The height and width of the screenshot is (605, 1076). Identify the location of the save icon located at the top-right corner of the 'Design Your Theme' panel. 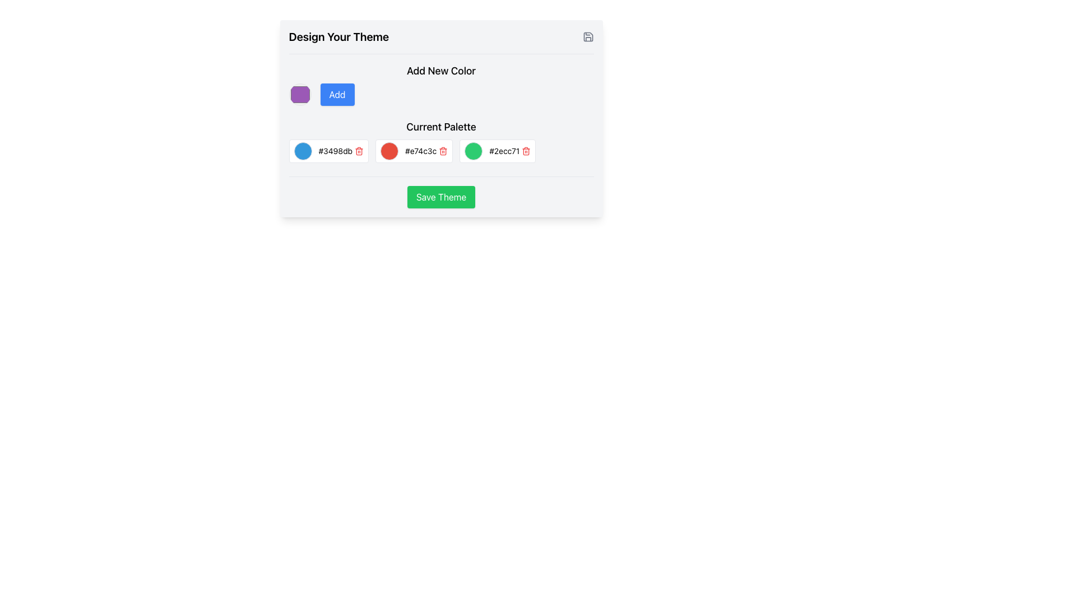
(587, 36).